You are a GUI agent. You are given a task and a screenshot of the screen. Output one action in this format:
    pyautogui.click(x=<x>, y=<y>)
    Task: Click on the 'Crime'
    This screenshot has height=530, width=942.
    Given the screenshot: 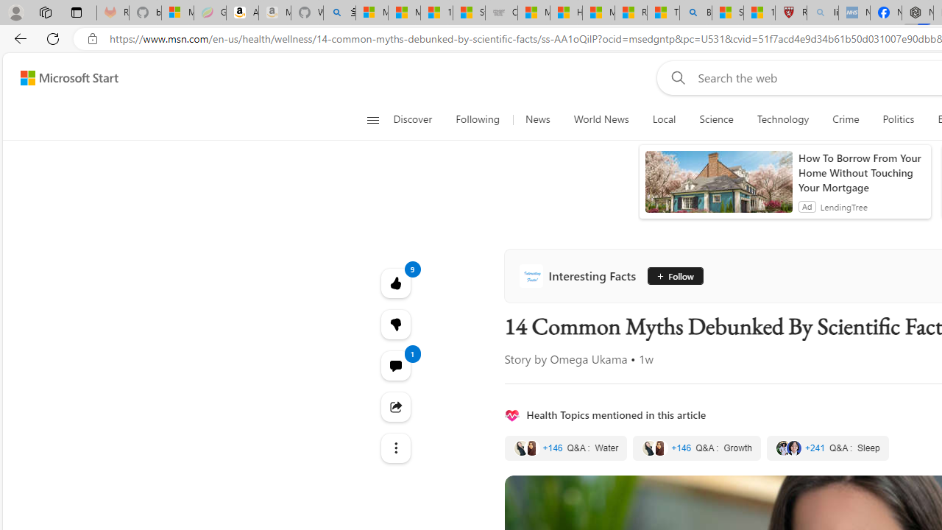 What is the action you would take?
    pyautogui.click(x=846, y=119)
    